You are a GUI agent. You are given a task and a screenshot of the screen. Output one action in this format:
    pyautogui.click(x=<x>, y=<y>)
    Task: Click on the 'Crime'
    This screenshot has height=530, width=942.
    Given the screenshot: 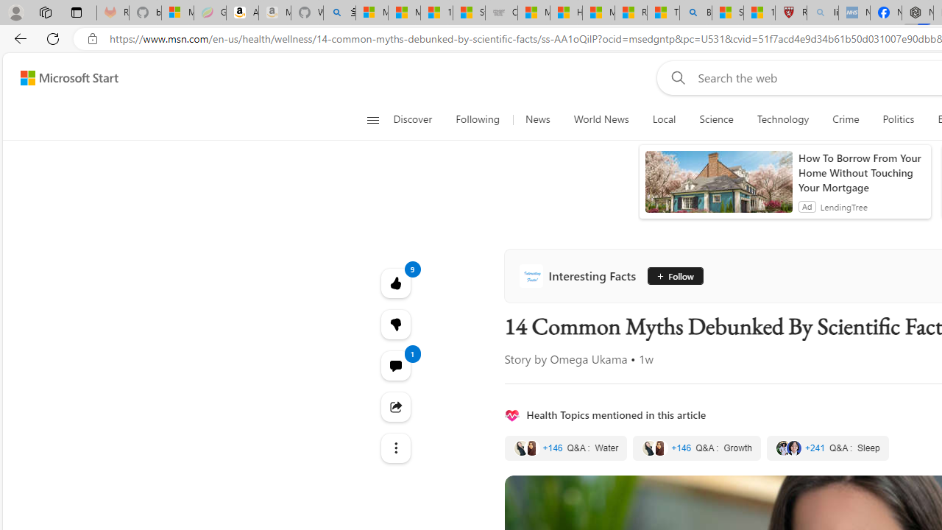 What is the action you would take?
    pyautogui.click(x=846, y=119)
    